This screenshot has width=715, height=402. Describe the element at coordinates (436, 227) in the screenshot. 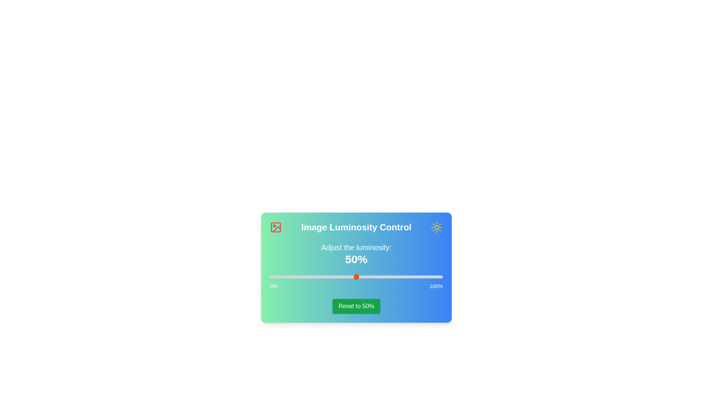

I see `the right icon in the header section` at that location.